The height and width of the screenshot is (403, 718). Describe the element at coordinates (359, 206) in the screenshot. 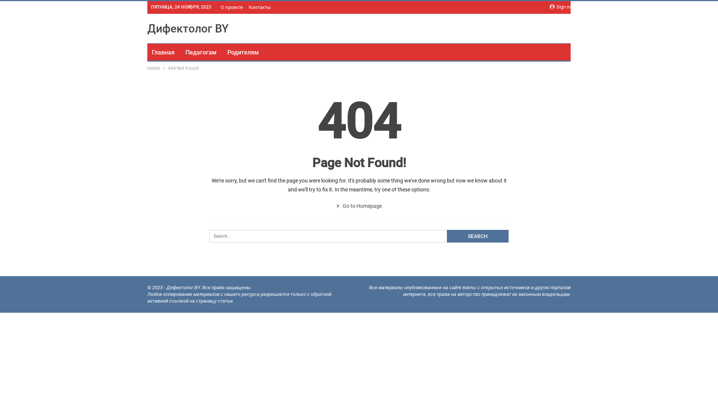

I see `'Go to Homepage'` at that location.